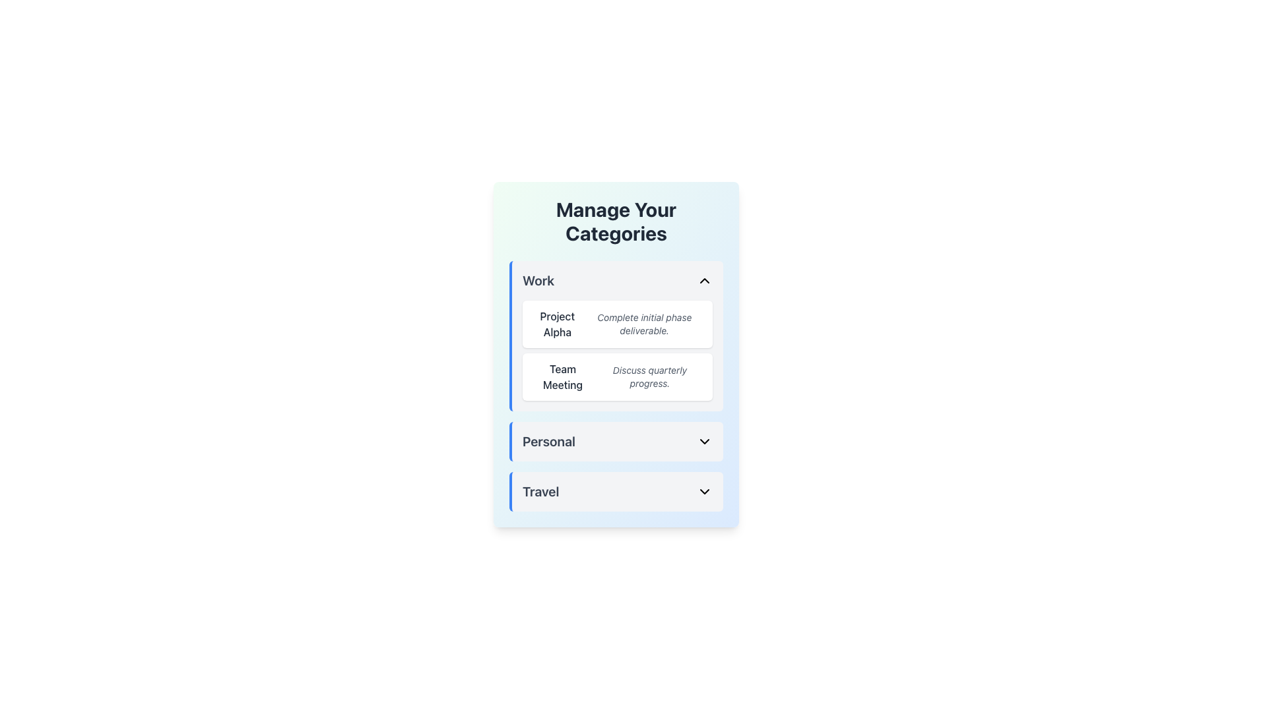 The image size is (1267, 712). Describe the element at coordinates (616, 491) in the screenshot. I see `the collapsible dropdown menu item labeled 'Travel'` at that location.